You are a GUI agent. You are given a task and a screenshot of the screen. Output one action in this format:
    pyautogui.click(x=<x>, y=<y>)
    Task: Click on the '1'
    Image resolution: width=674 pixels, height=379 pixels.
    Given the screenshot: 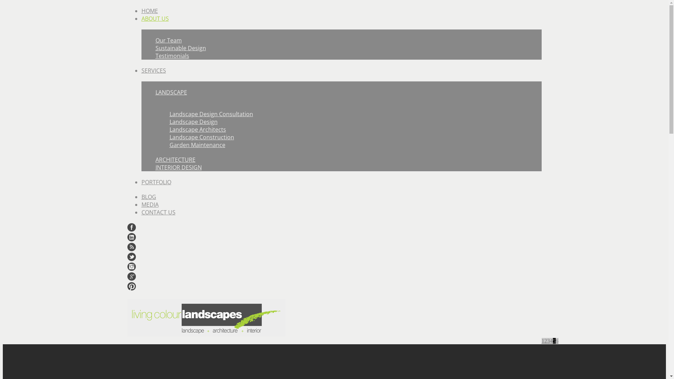 What is the action you would take?
    pyautogui.click(x=542, y=340)
    